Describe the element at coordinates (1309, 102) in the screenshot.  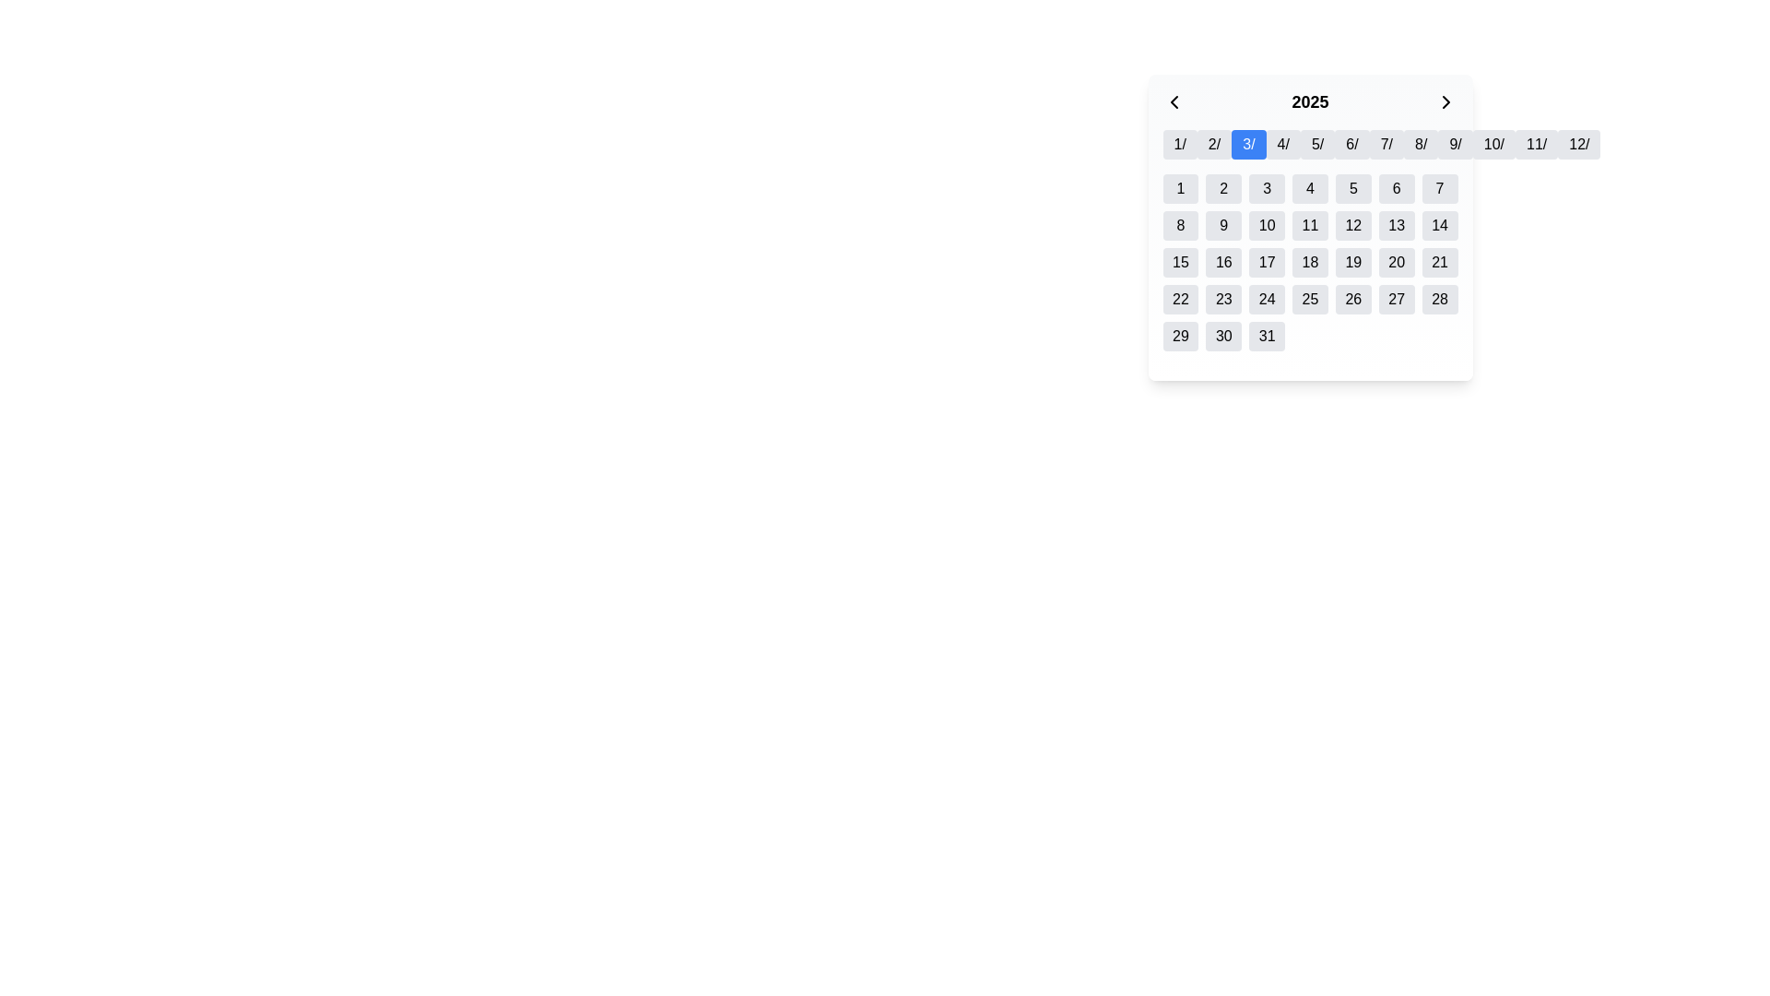
I see `the bold, black text displaying the number '2025' in the calendar navigation header, which is centrally positioned between two chevron arrow icons` at that location.